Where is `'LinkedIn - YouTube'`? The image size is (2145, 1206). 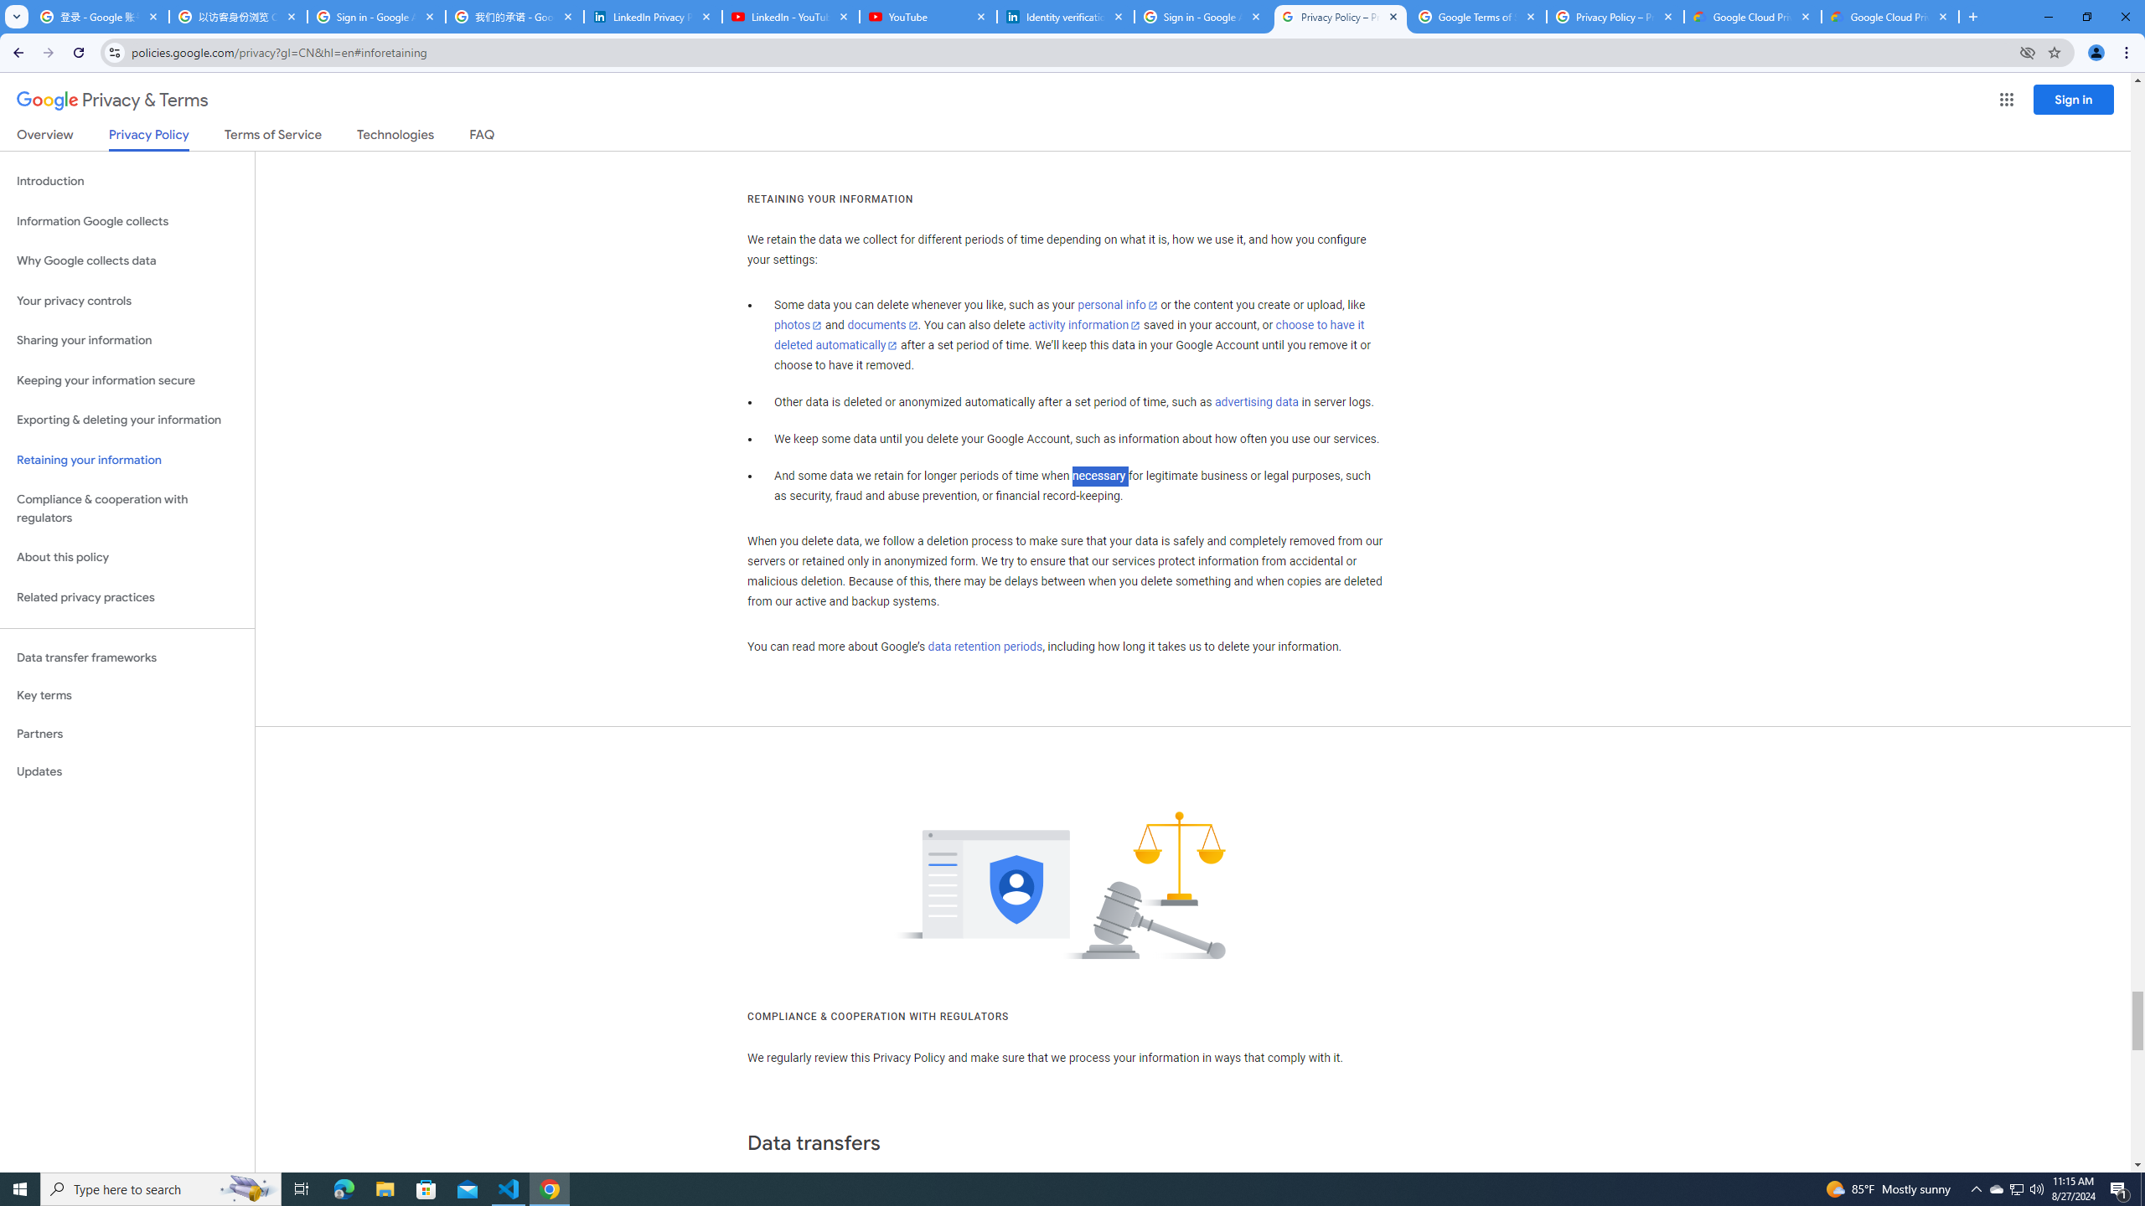
'LinkedIn - YouTube' is located at coordinates (789, 16).